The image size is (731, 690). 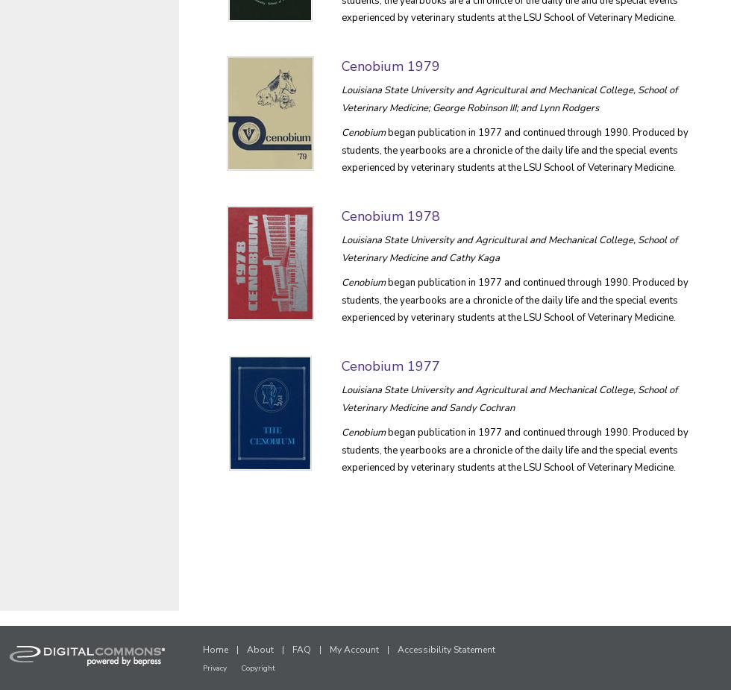 I want to click on 'Privacy', so click(x=203, y=668).